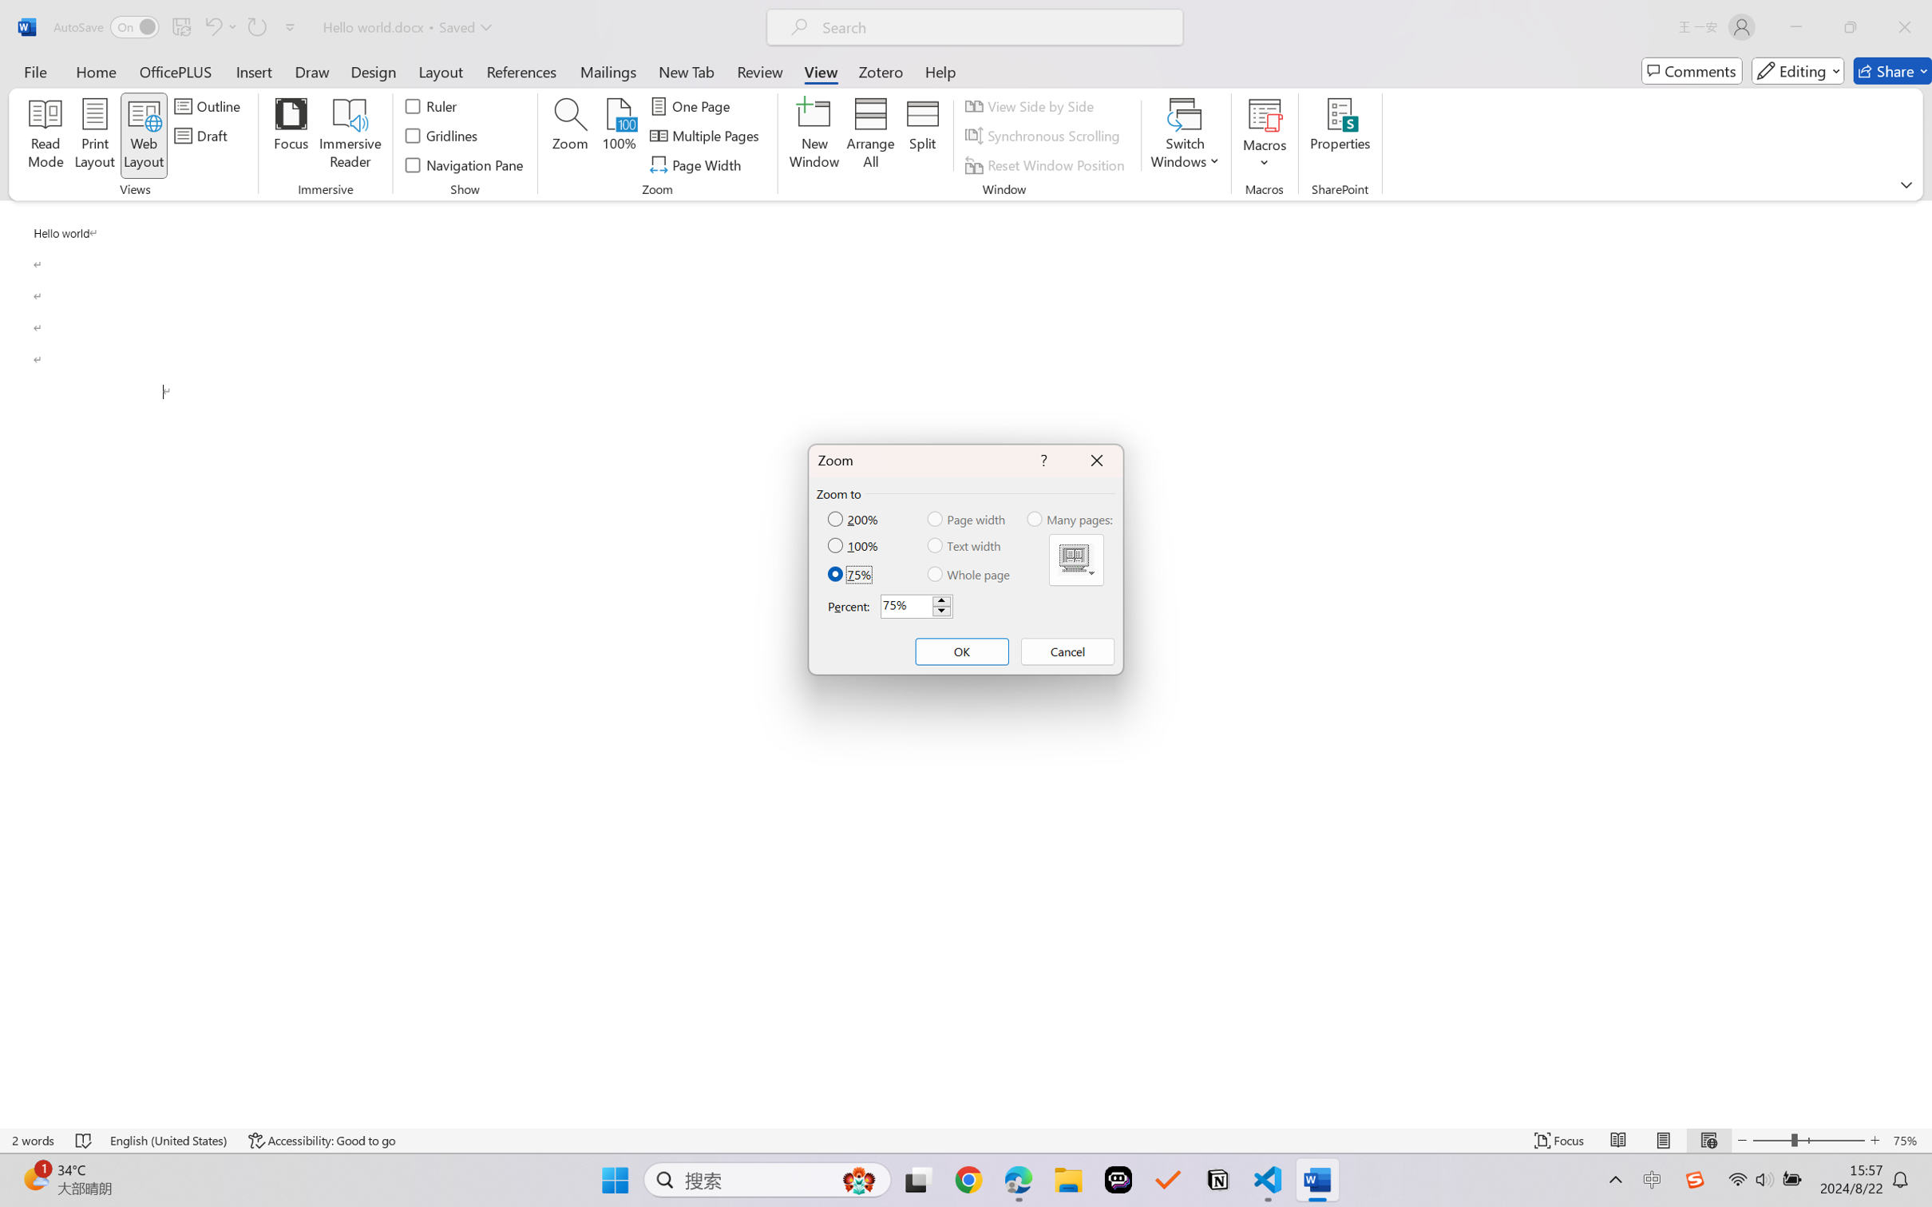 The width and height of the screenshot is (1932, 1207). What do you see at coordinates (608, 70) in the screenshot?
I see `'Mailings'` at bounding box center [608, 70].